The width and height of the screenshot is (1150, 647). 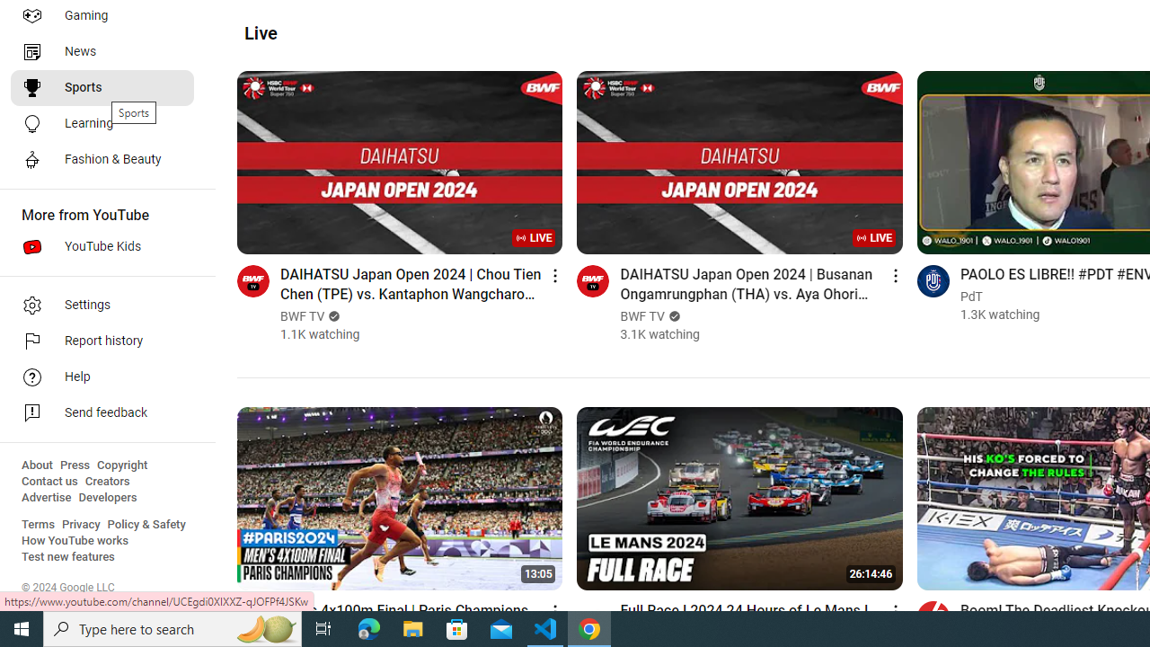 I want to click on 'Contact us', so click(x=49, y=481).